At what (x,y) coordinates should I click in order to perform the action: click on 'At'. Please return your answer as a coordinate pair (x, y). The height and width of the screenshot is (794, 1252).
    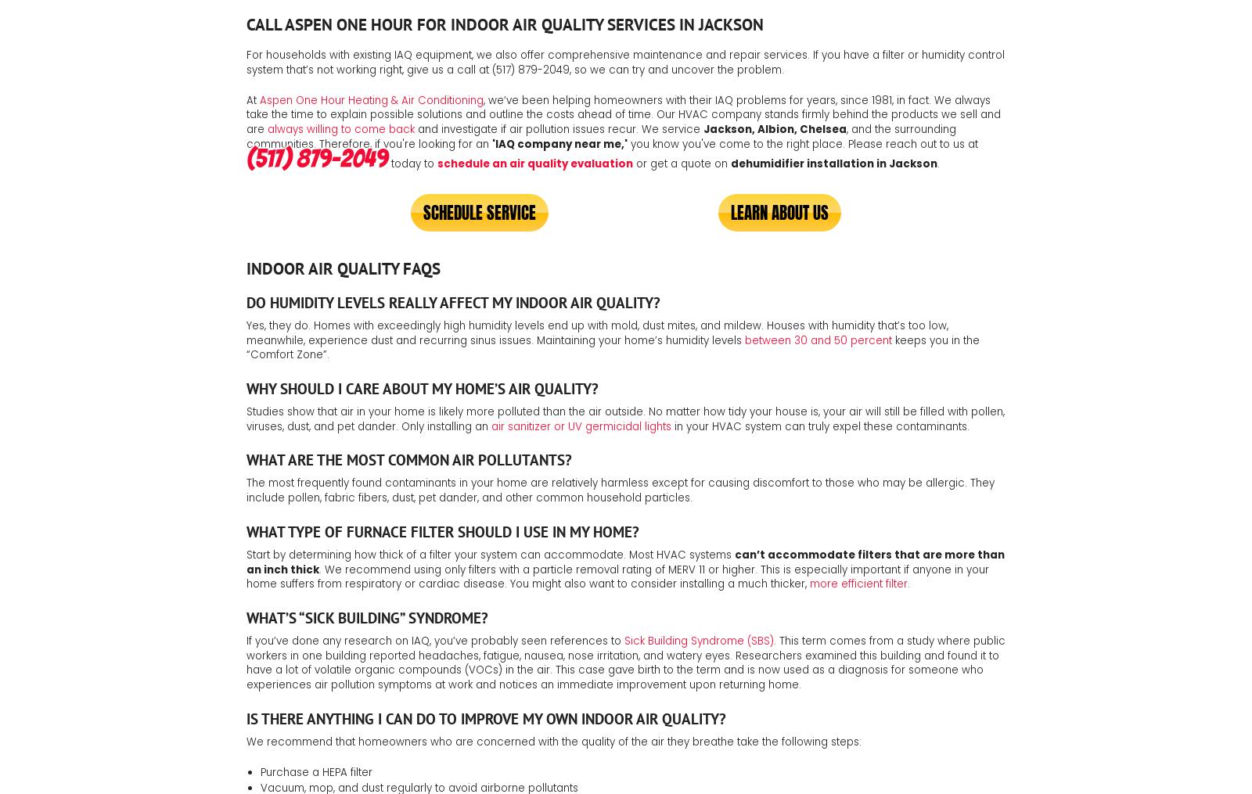
    Looking at the image, I should click on (253, 99).